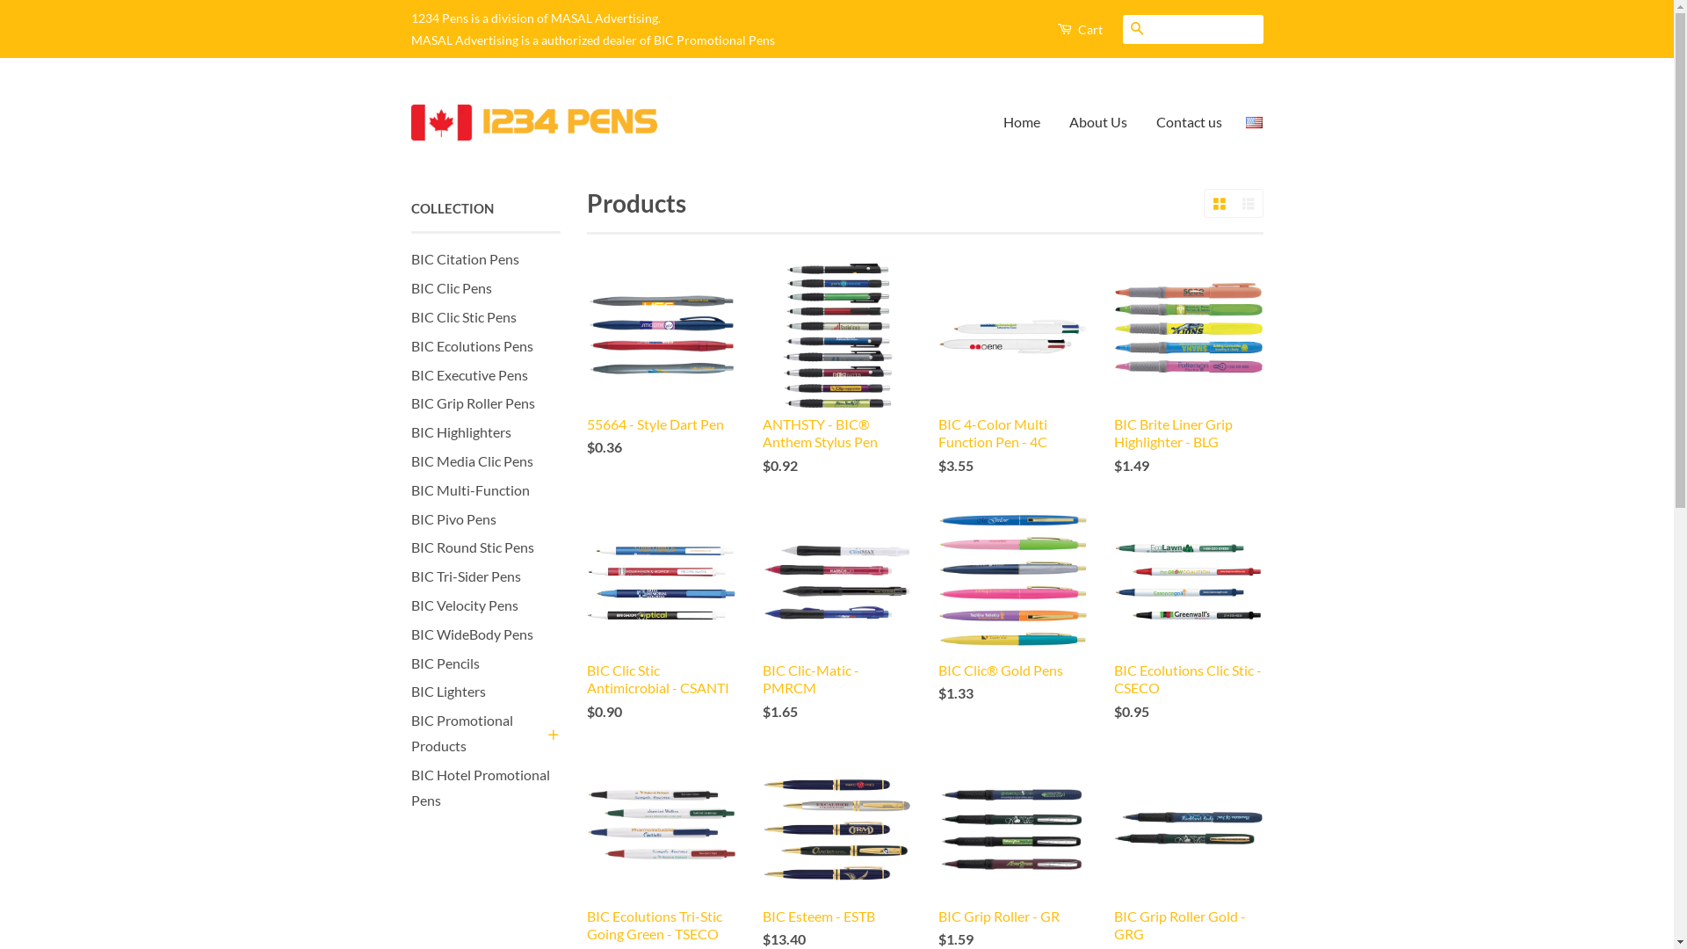  I want to click on 'Contact us', so click(1182, 121).